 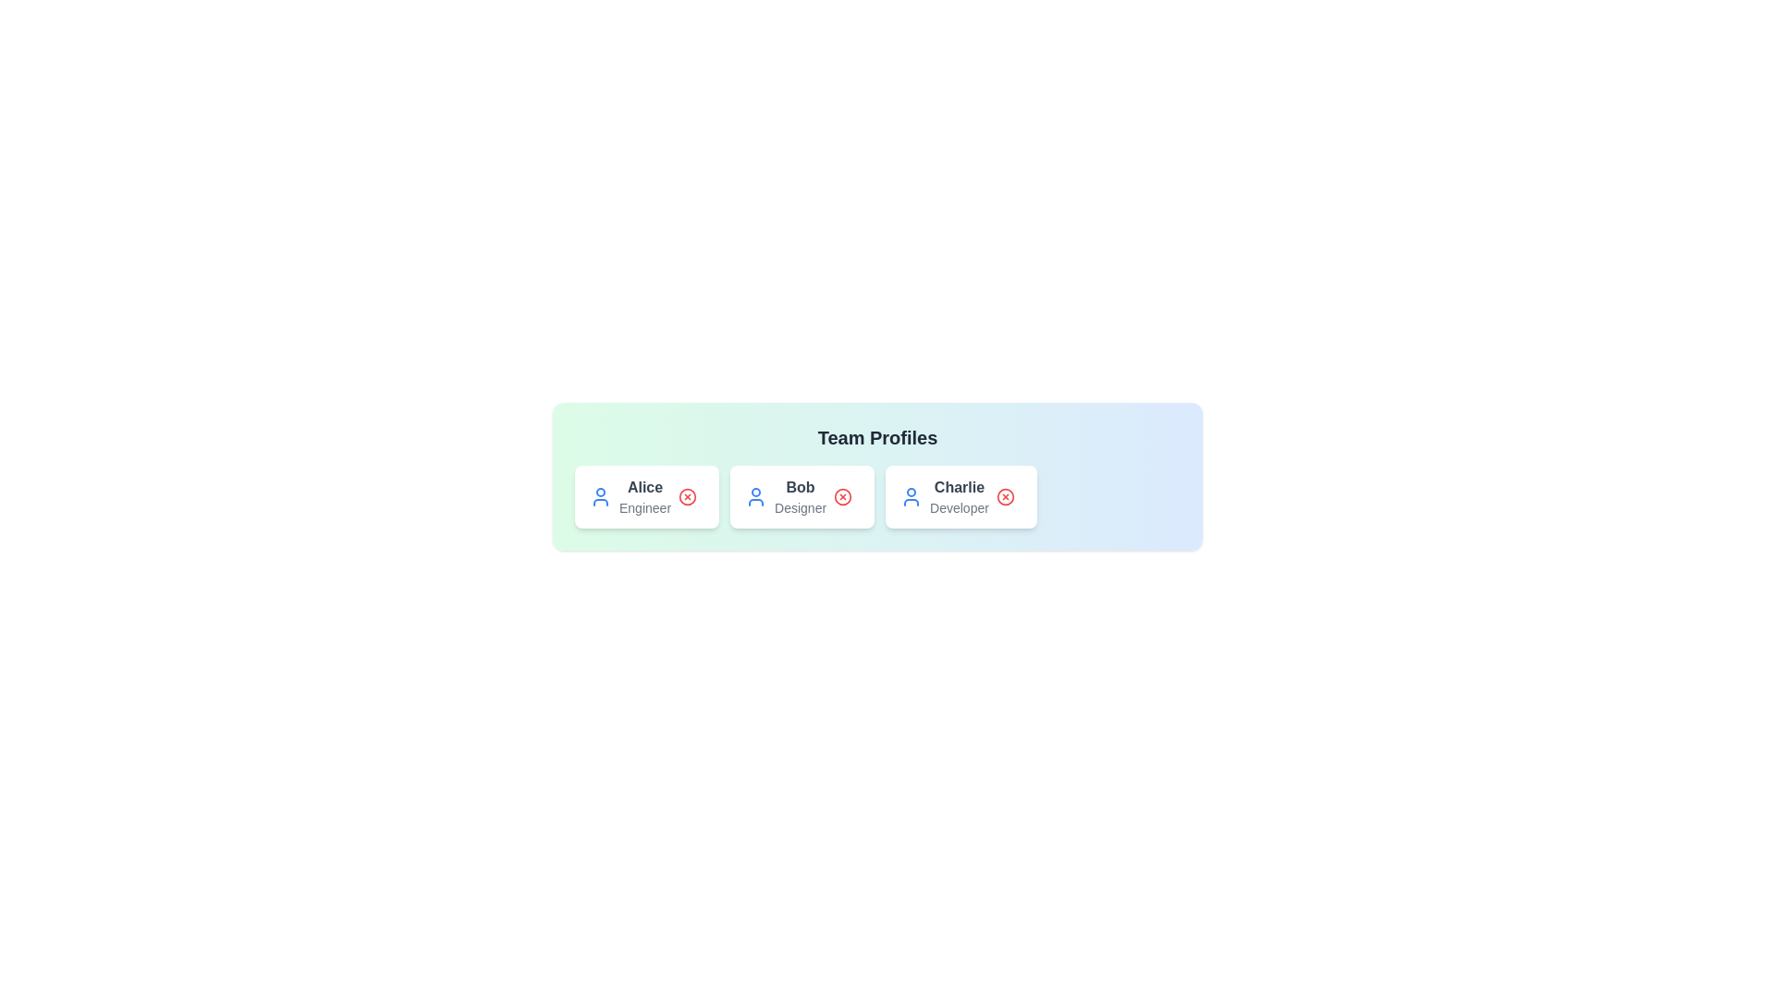 What do you see at coordinates (600, 495) in the screenshot?
I see `the user icon associated with the profile Alice` at bounding box center [600, 495].